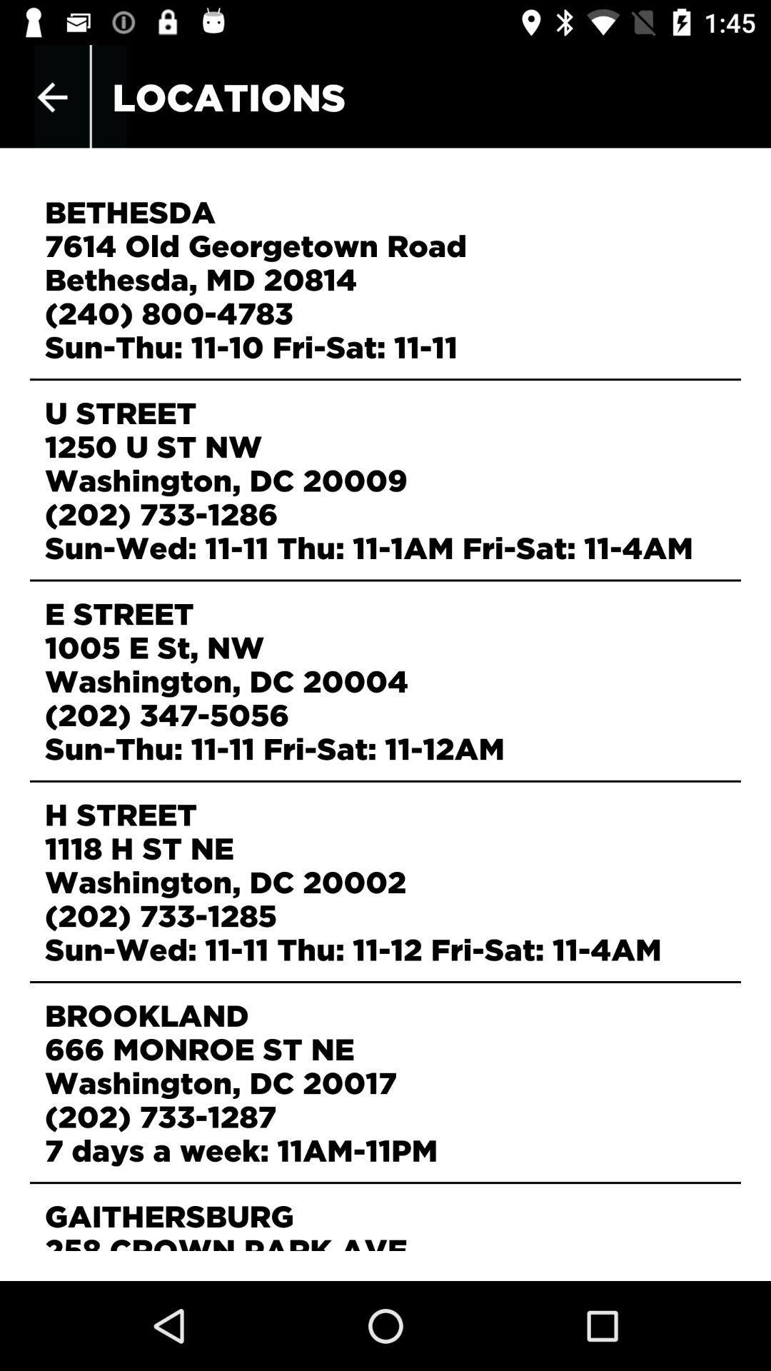  What do you see at coordinates (51, 96) in the screenshot?
I see `app next to the locations app` at bounding box center [51, 96].